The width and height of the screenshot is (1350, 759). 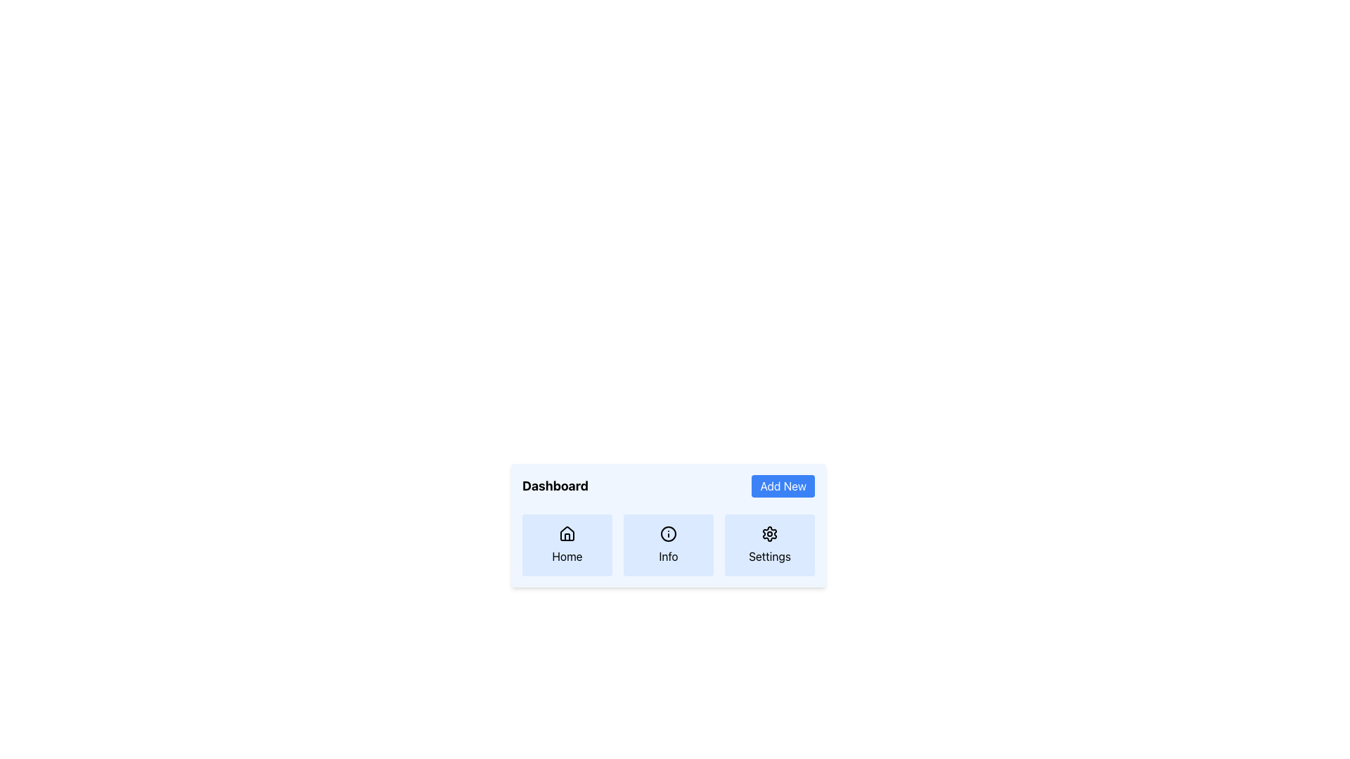 What do you see at coordinates (567, 555) in the screenshot?
I see `the 'Home' label located beneath the home icon within a blue panel with rounded corners` at bounding box center [567, 555].